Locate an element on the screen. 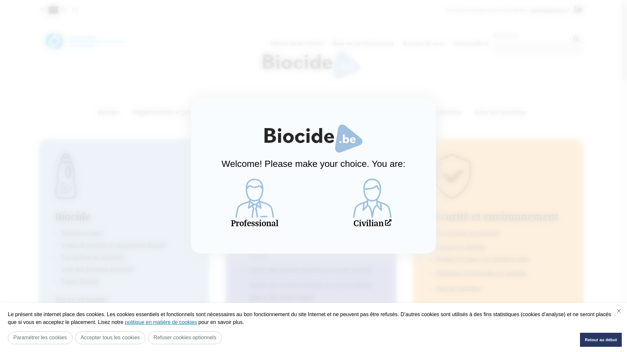  'Accepter tous les cookies' is located at coordinates (110, 337).